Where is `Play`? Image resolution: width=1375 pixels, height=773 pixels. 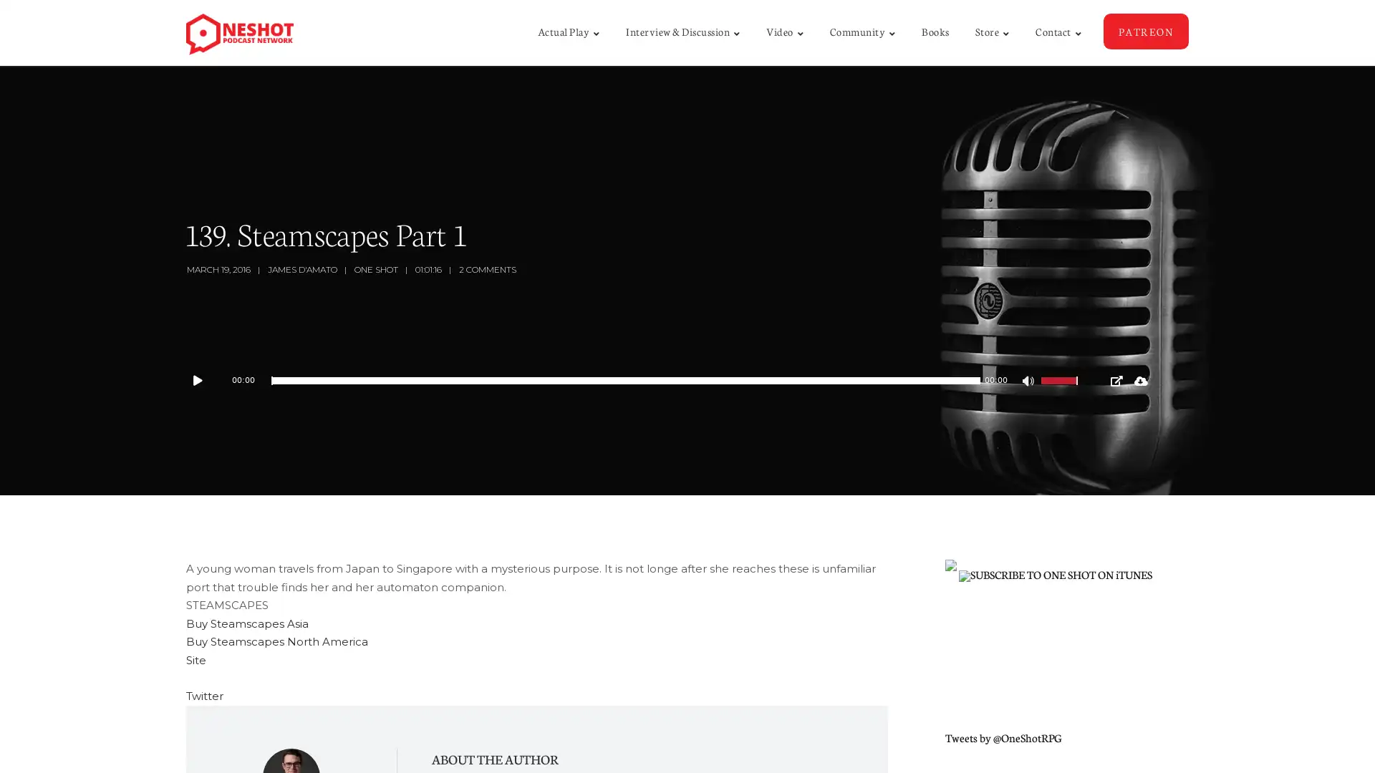 Play is located at coordinates (204, 380).